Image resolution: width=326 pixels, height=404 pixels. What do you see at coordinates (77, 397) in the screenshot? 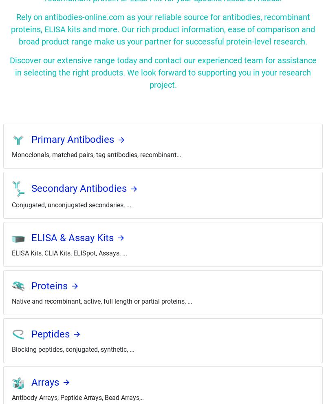
I see `'Antibody Arrays, Peptide Arrays, Bead Arrays,..'` at bounding box center [77, 397].